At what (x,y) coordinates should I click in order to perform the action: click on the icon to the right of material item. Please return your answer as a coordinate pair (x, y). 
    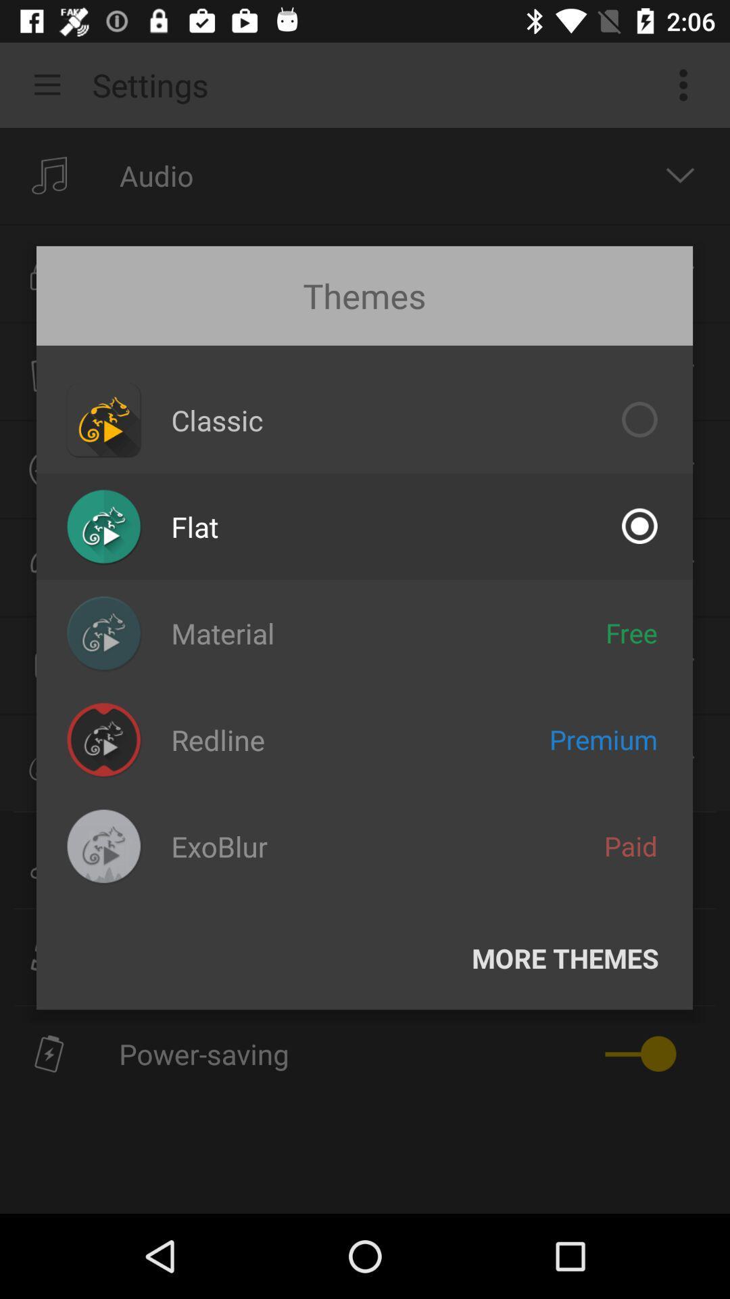
    Looking at the image, I should click on (631, 632).